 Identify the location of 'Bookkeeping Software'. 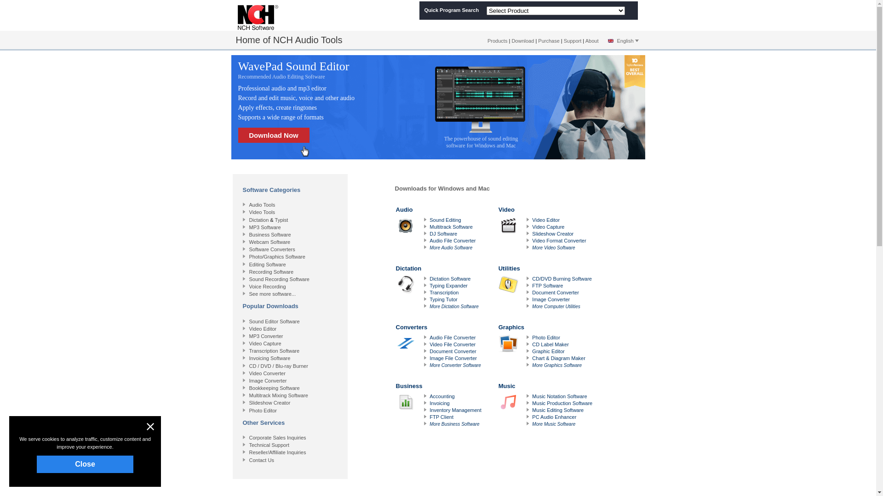
(274, 388).